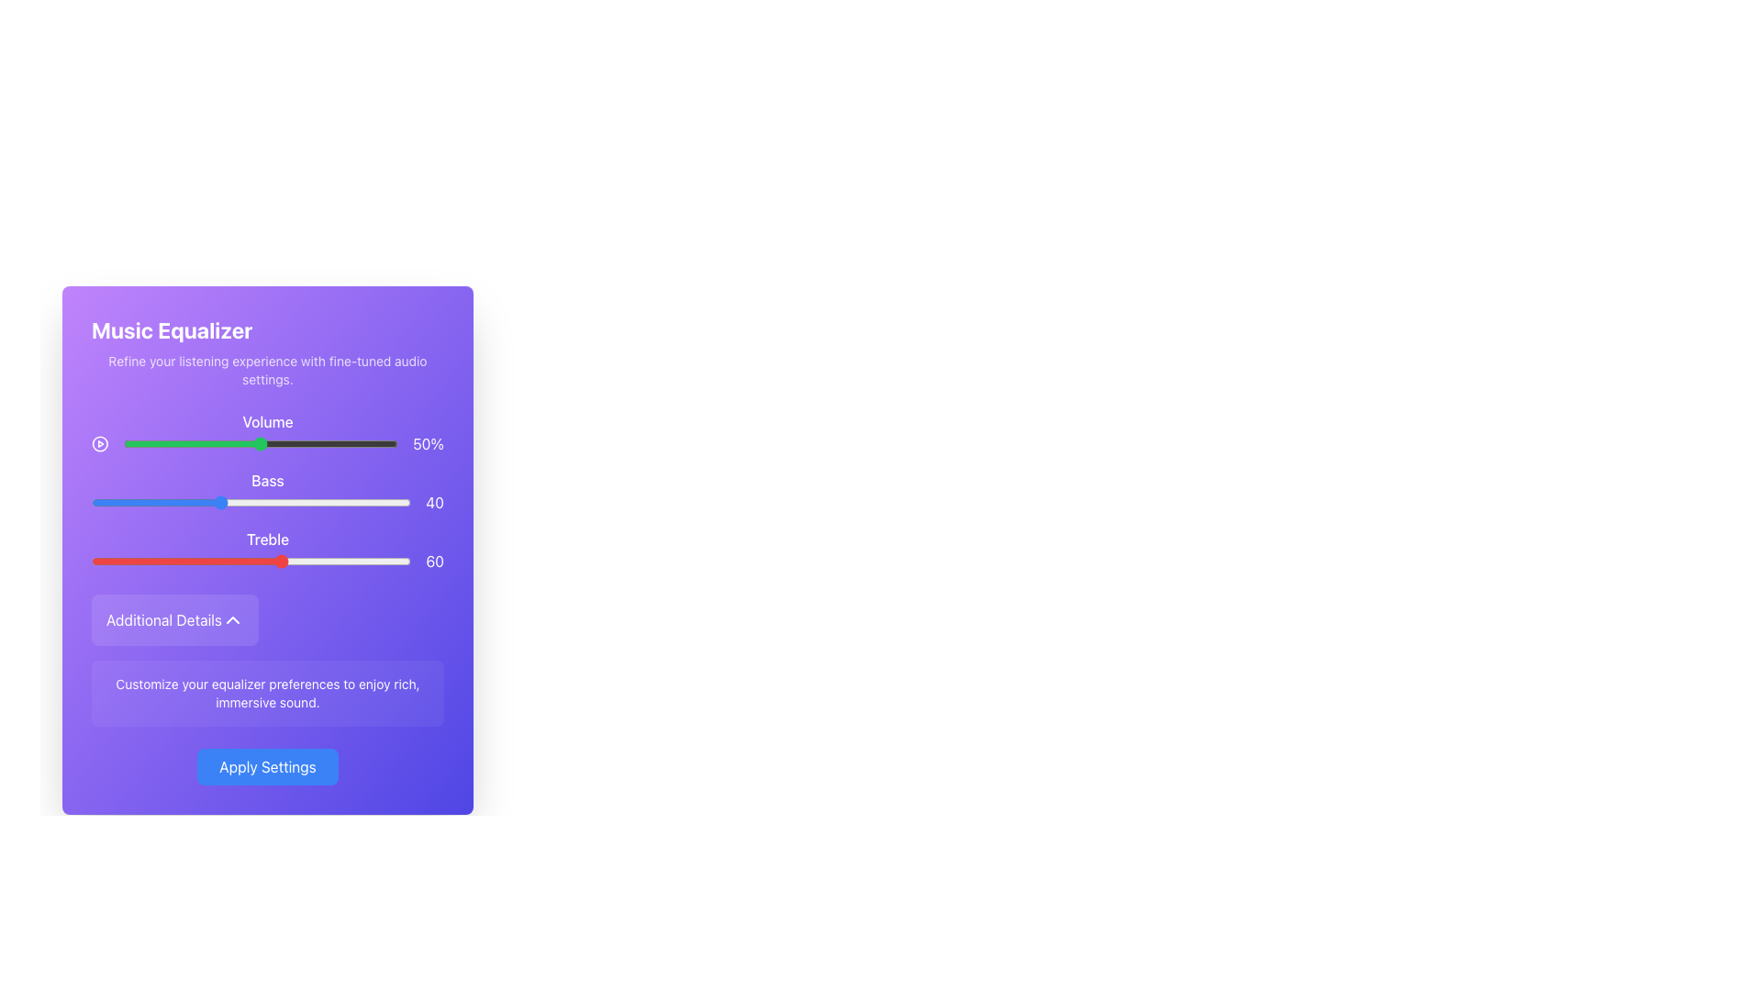 The image size is (1762, 991). Describe the element at coordinates (149, 561) in the screenshot. I see `the treble` at that location.